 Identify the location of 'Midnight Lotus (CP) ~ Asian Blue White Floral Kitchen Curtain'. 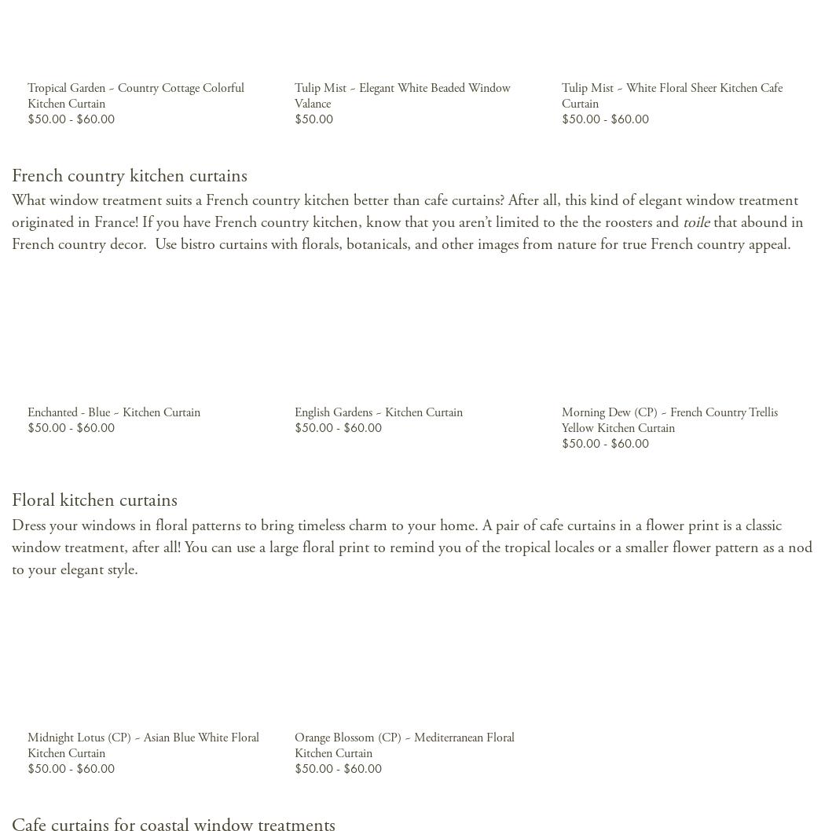
(142, 745).